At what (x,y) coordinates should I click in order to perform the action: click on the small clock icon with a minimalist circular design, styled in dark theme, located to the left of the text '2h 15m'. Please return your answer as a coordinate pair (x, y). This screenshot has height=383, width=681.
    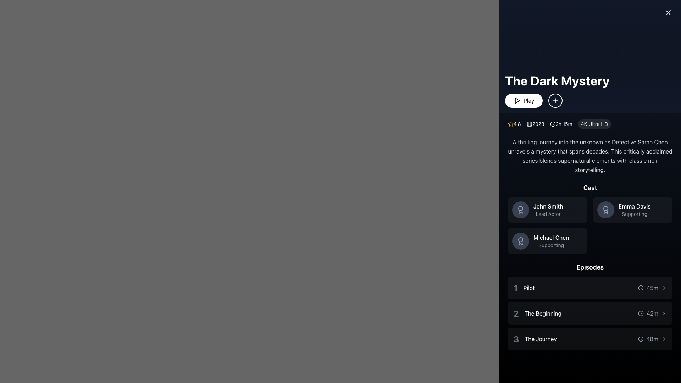
    Looking at the image, I should click on (552, 124).